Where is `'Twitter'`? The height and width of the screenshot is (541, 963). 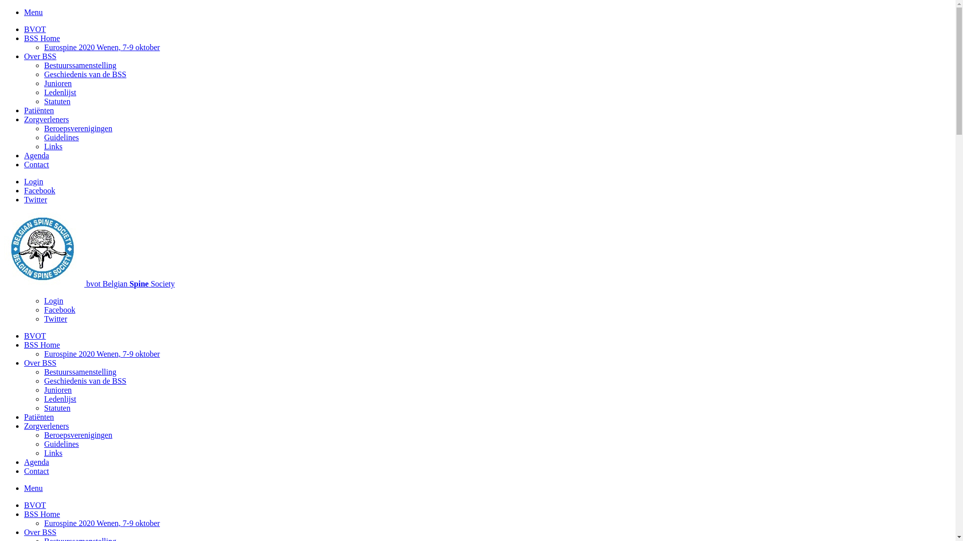
'Twitter' is located at coordinates (36, 199).